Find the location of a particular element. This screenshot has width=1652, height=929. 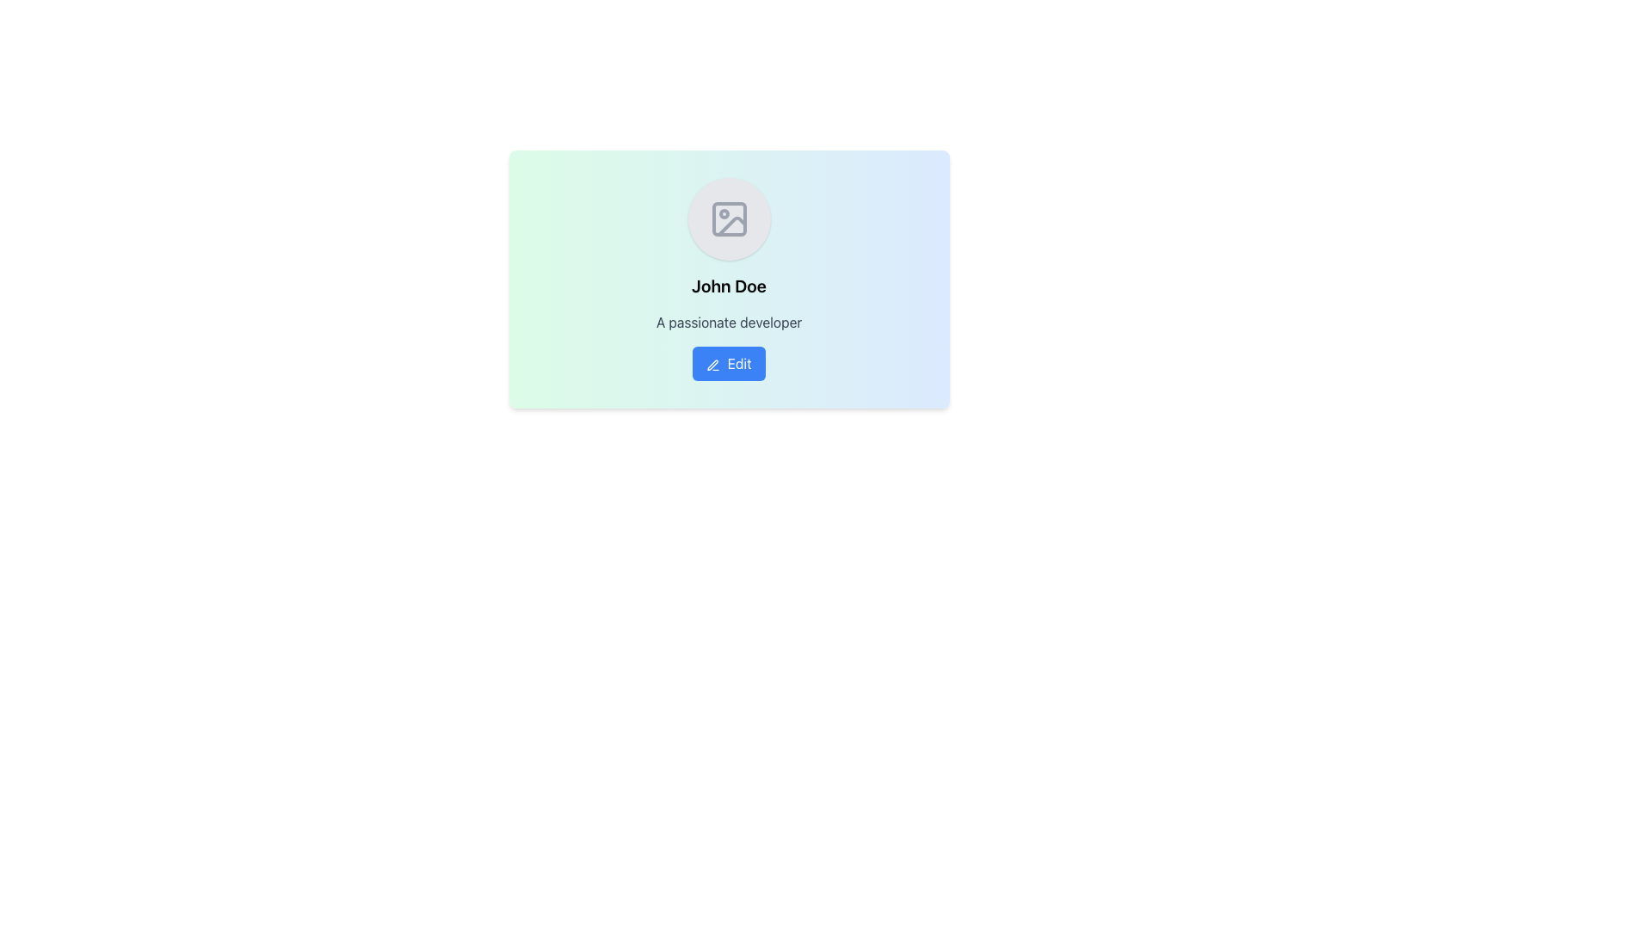

the image placeholder that serves as a user avatar space, located above the text 'John Doe' and 'A passionate developer', and directly above the blue 'Edit' button is located at coordinates (729, 218).